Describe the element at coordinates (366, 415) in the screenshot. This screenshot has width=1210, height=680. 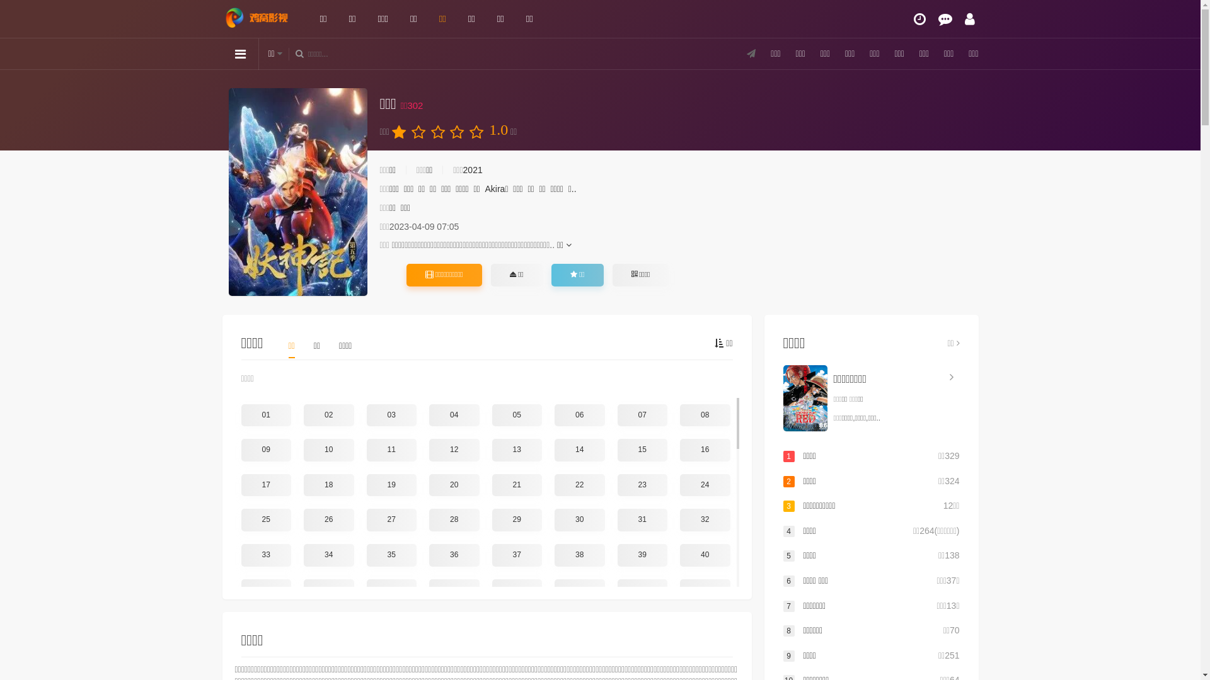
I see `'03'` at that location.